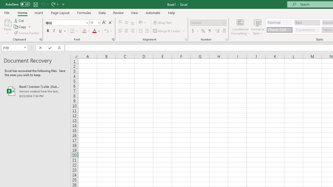 This screenshot has width=333, height=187. What do you see at coordinates (110, 22) in the screenshot?
I see `'Decrease Font Size'` at bounding box center [110, 22].